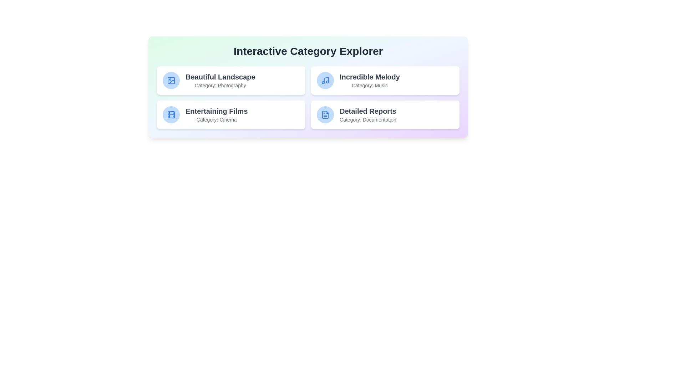 This screenshot has height=385, width=685. What do you see at coordinates (231, 80) in the screenshot?
I see `the card representing the category Beautiful Landscape` at bounding box center [231, 80].